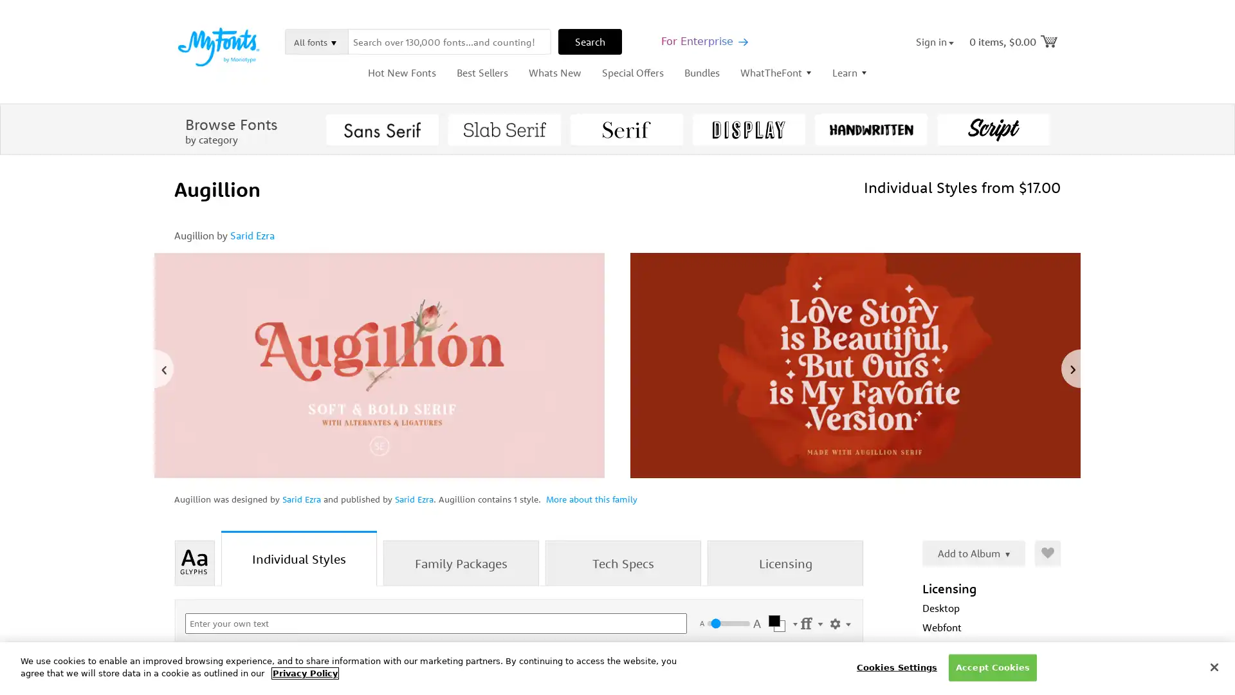 This screenshot has width=1235, height=695. Describe the element at coordinates (973, 553) in the screenshot. I see `Add to Album` at that location.